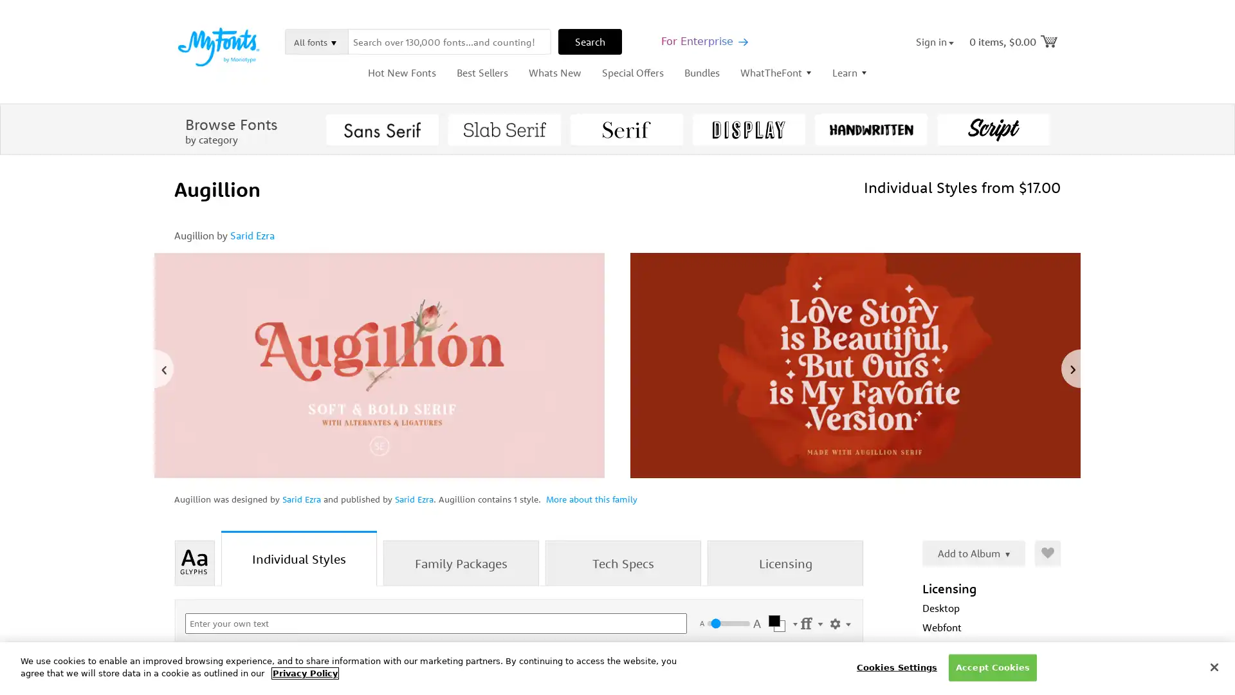 This screenshot has width=1235, height=695. Describe the element at coordinates (973, 553) in the screenshot. I see `Add to Album` at that location.